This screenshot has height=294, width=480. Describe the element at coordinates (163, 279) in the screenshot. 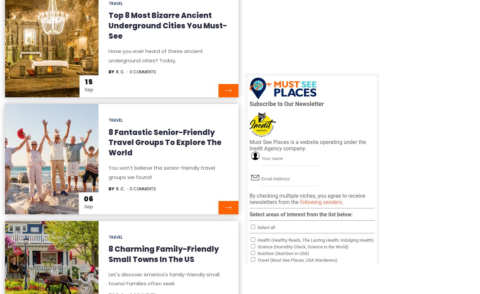

I see `'Let's discover America's family-friendly small towns! Families often seek'` at that location.